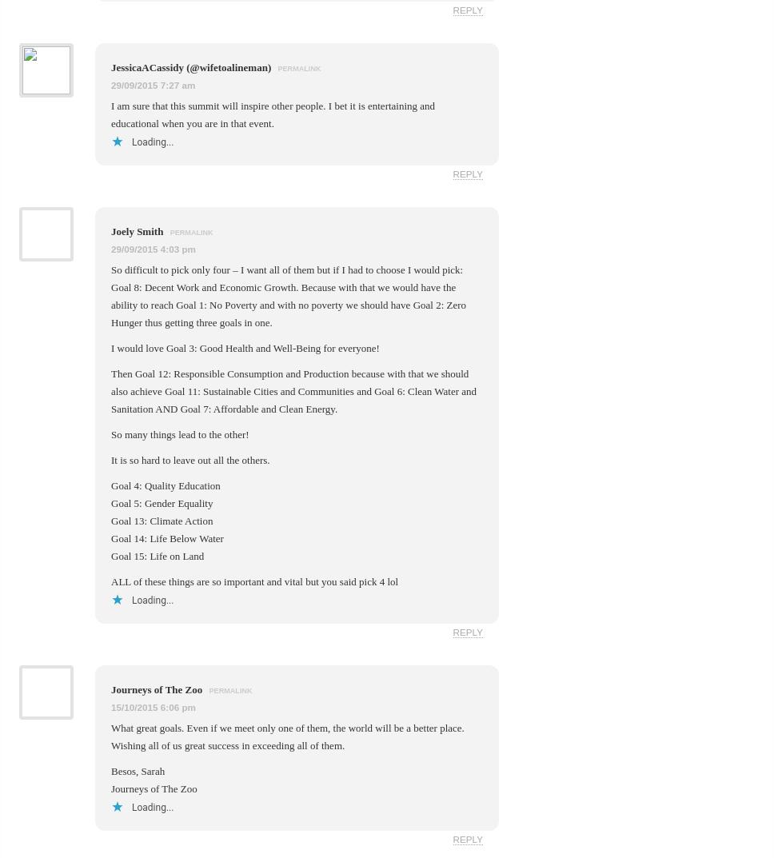 The image size is (774, 858). Describe the element at coordinates (153, 705) in the screenshot. I see `'15/10/2015 6:06 pm'` at that location.